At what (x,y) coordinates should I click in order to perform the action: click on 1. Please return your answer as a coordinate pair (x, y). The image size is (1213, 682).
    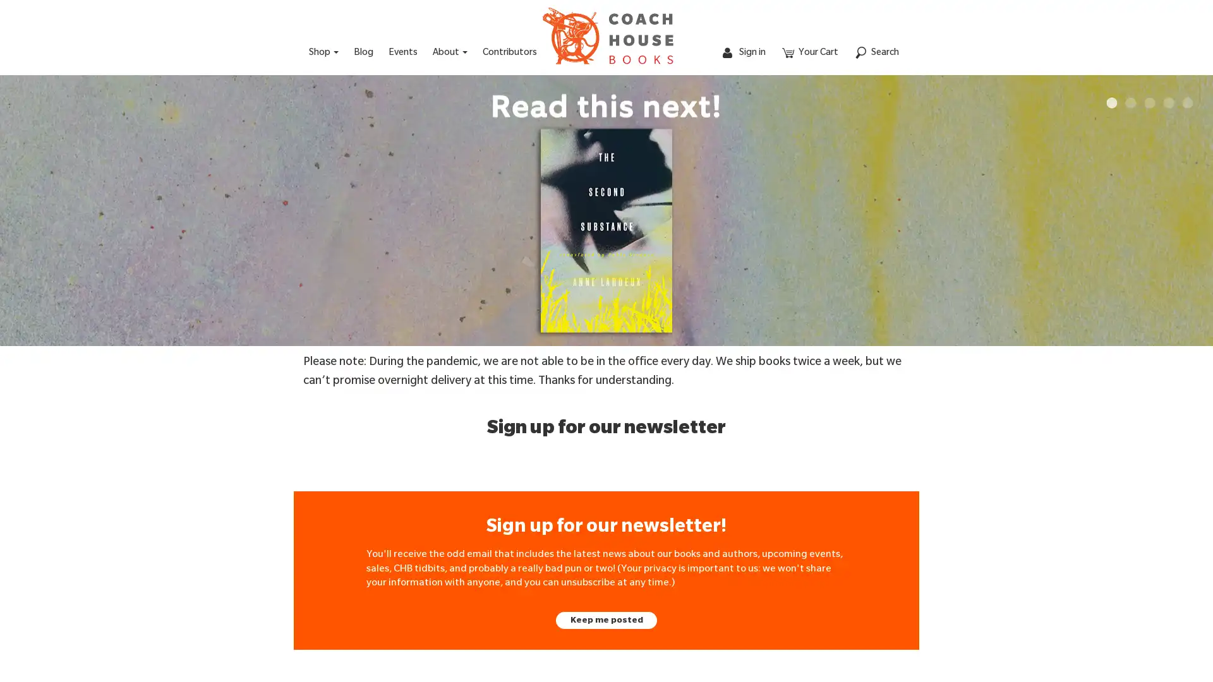
    Looking at the image, I should click on (1112, 103).